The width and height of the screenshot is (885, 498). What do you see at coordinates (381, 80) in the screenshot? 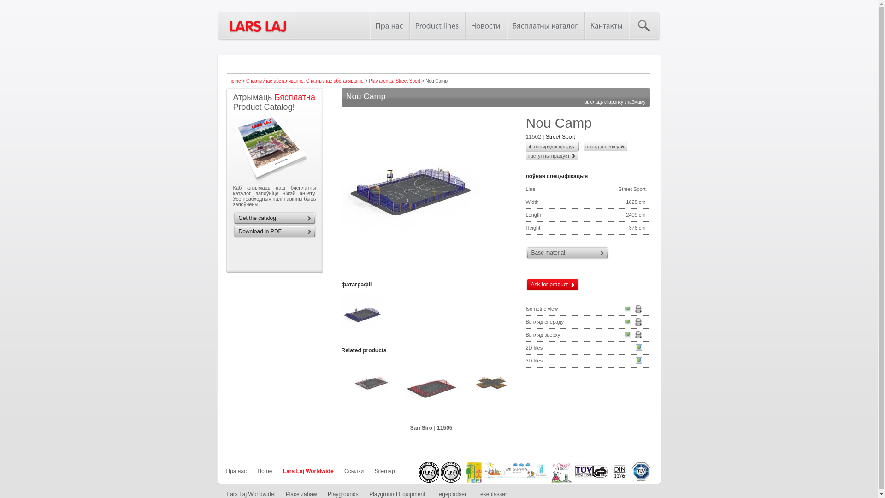
I see `'Play arenas'` at bounding box center [381, 80].